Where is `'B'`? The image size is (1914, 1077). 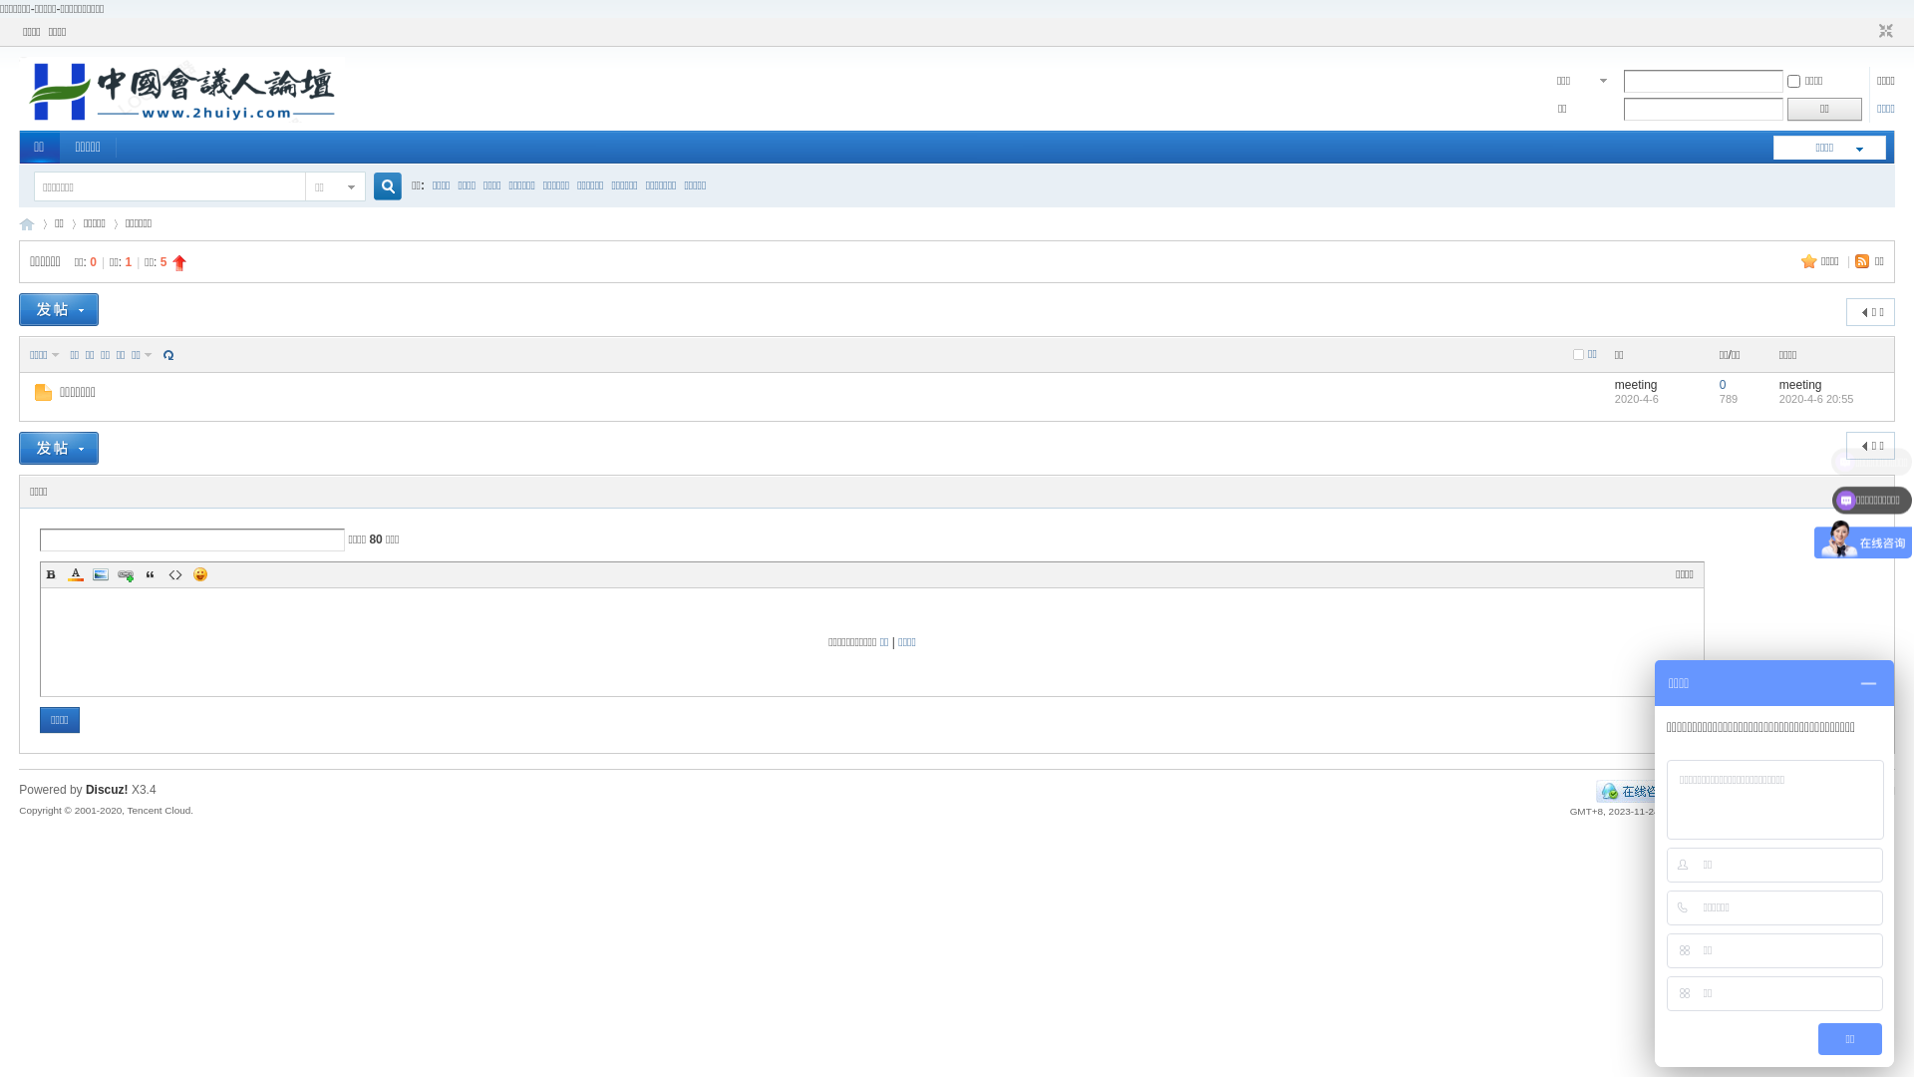 'B' is located at coordinates (51, 573).